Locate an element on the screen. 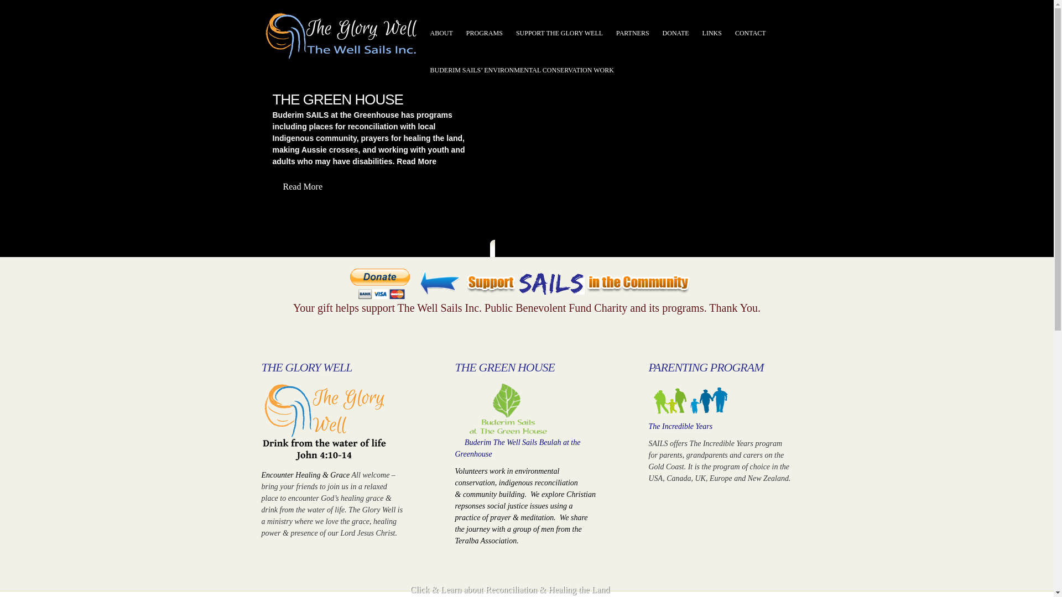  'LINKS' is located at coordinates (712, 33).